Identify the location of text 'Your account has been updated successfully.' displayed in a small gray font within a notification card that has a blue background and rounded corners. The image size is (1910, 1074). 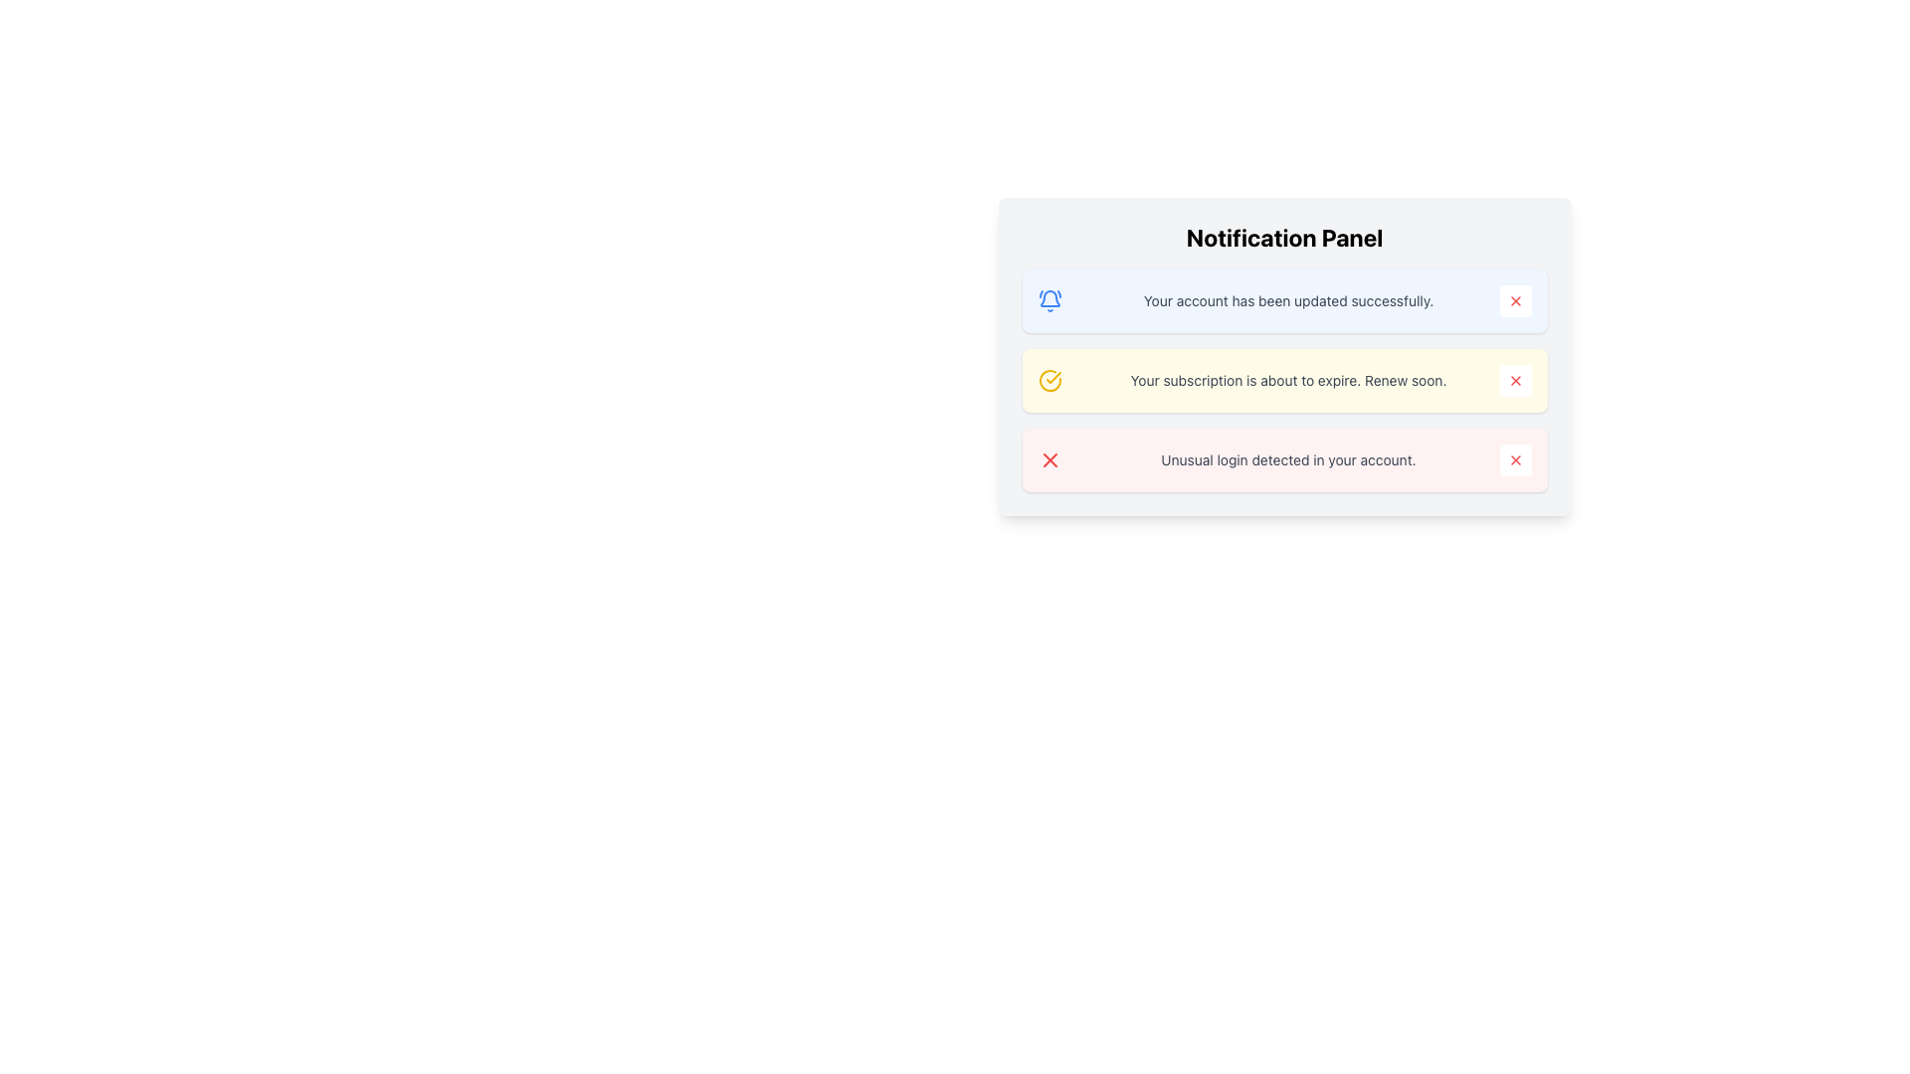
(1288, 301).